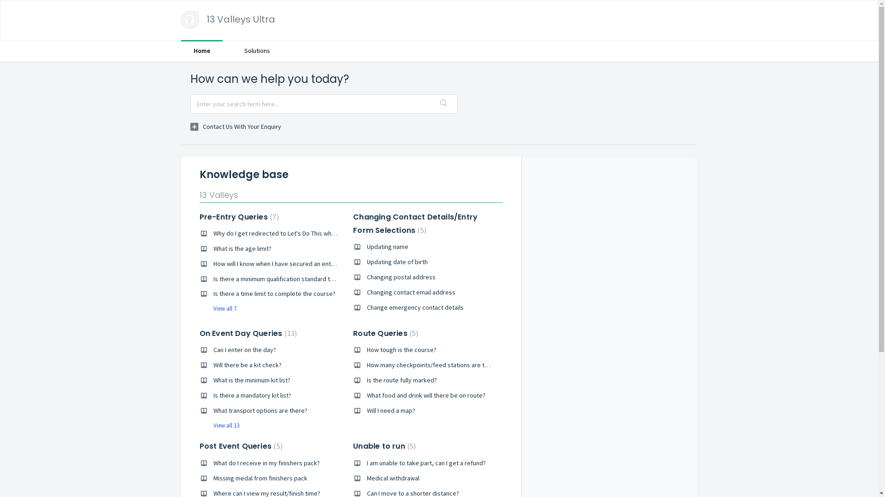 The image size is (885, 497). Describe the element at coordinates (252, 395) in the screenshot. I see `'Is there a mandatory kit list?'` at that location.